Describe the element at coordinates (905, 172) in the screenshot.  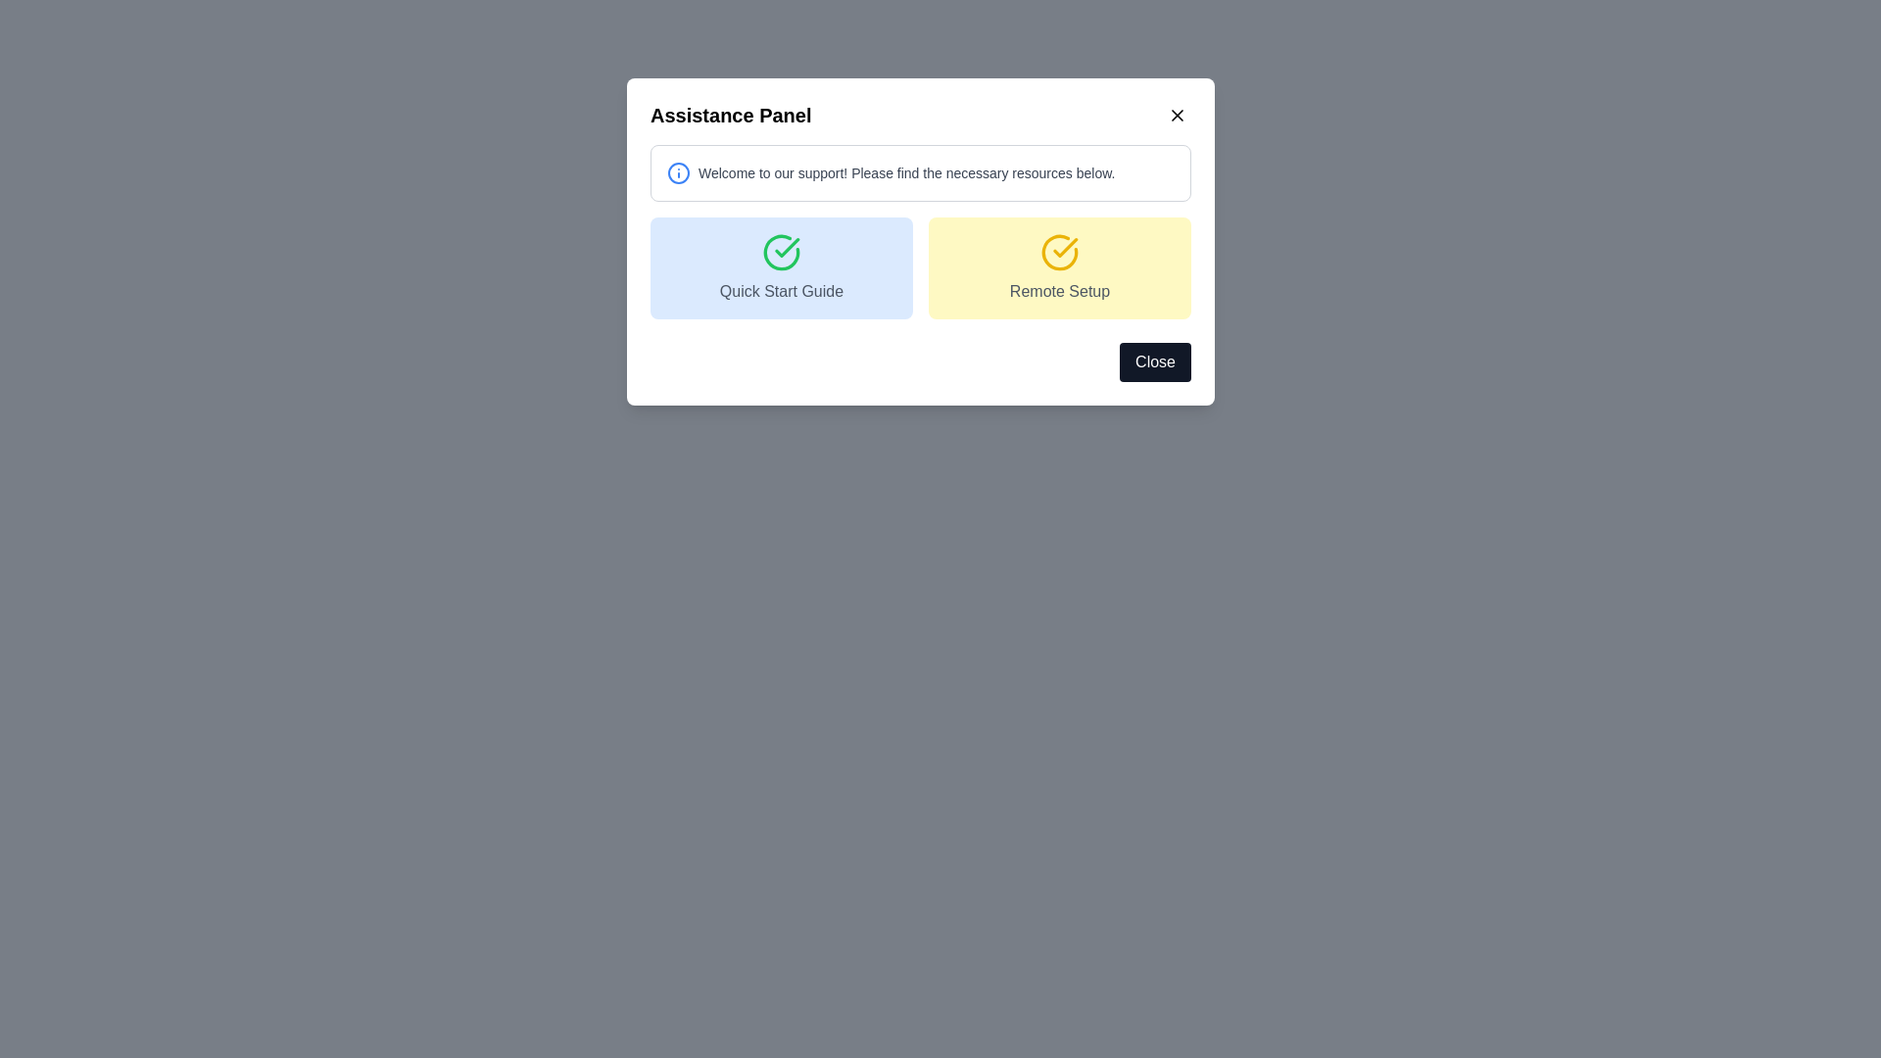
I see `the static text that says 'Welcome to our support! Please find the necessary resources below', which is displayed in a small font size and gray color, located near the top of a pop-up window` at that location.